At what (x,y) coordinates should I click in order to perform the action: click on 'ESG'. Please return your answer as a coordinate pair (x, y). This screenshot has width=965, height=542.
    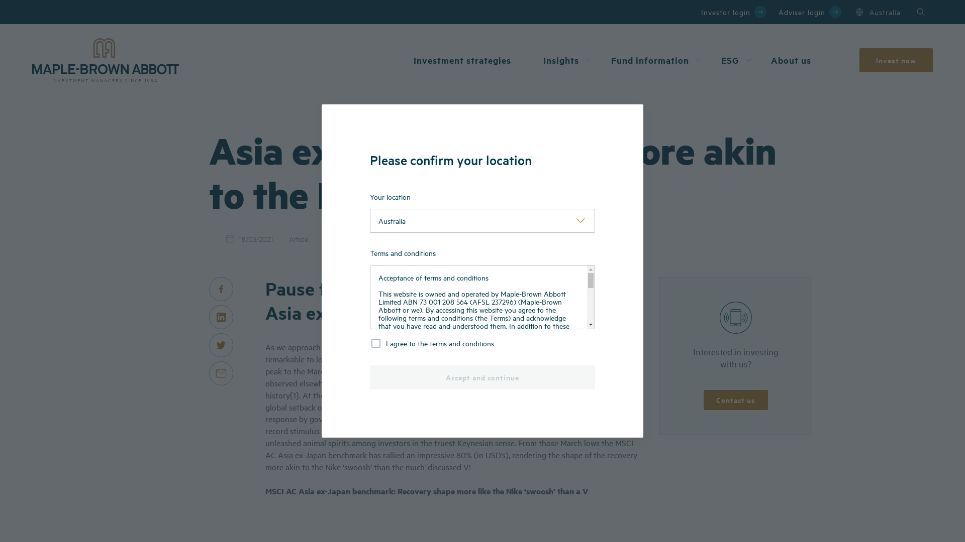
    Looking at the image, I should click on (713, 60).